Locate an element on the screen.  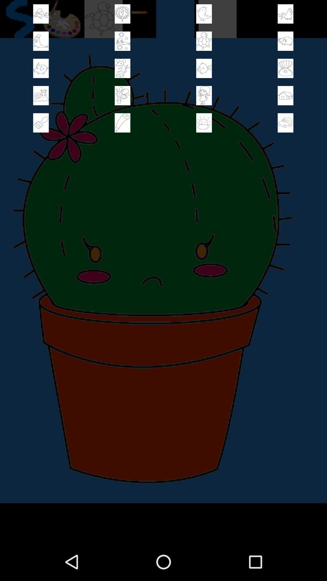
sticker is located at coordinates (204, 95).